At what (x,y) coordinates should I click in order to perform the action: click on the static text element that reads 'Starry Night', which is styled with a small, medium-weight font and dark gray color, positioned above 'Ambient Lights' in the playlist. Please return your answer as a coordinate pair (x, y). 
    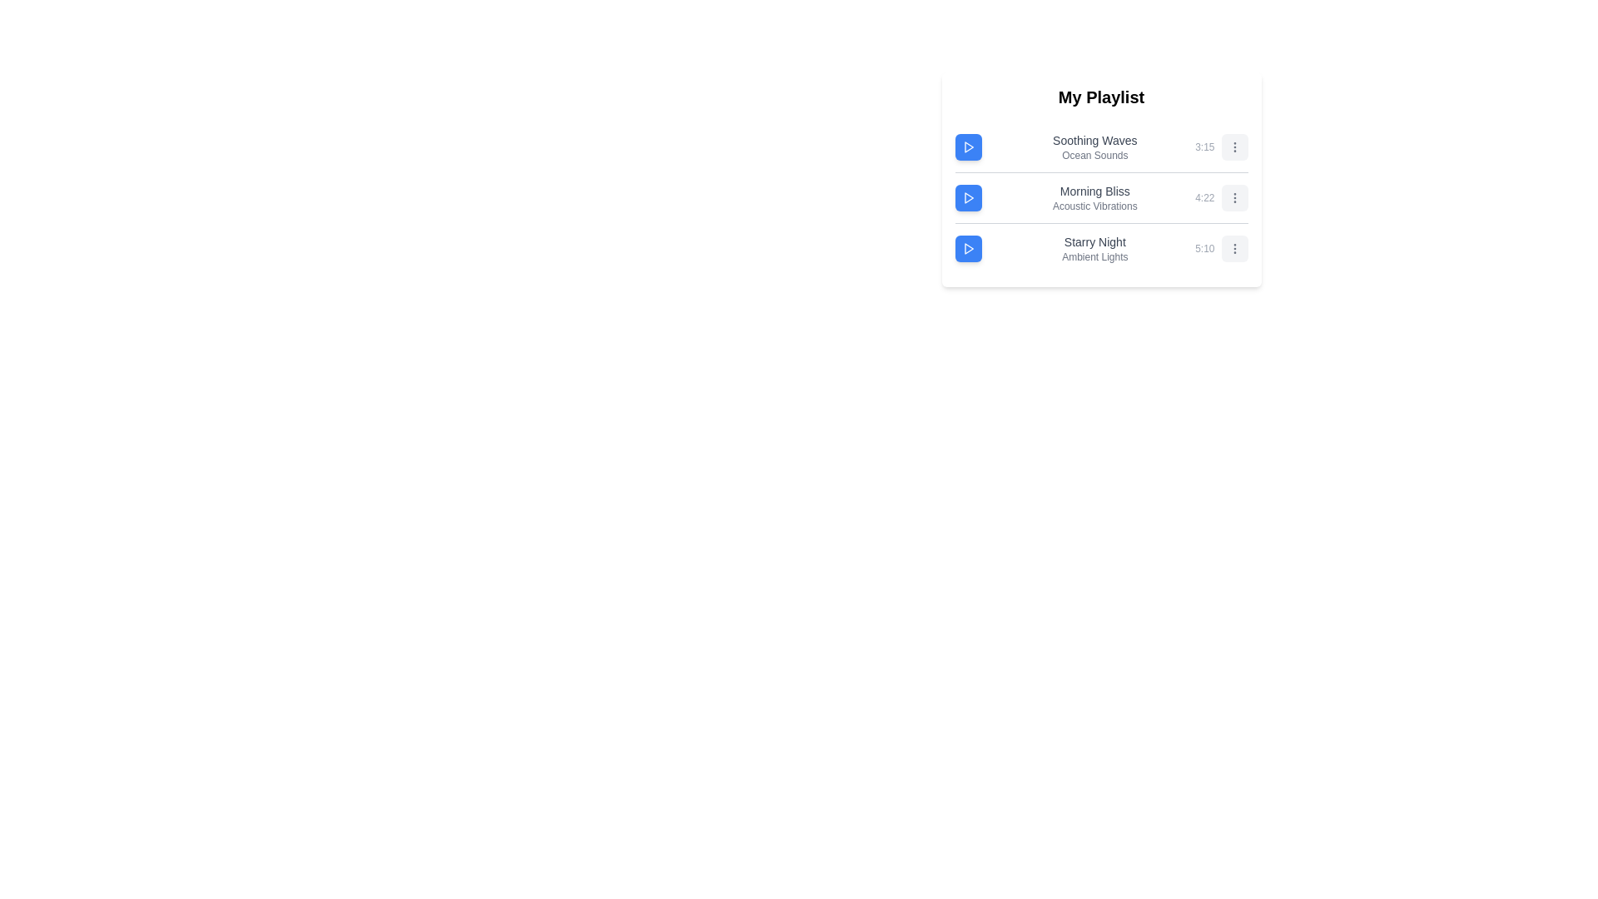
    Looking at the image, I should click on (1094, 241).